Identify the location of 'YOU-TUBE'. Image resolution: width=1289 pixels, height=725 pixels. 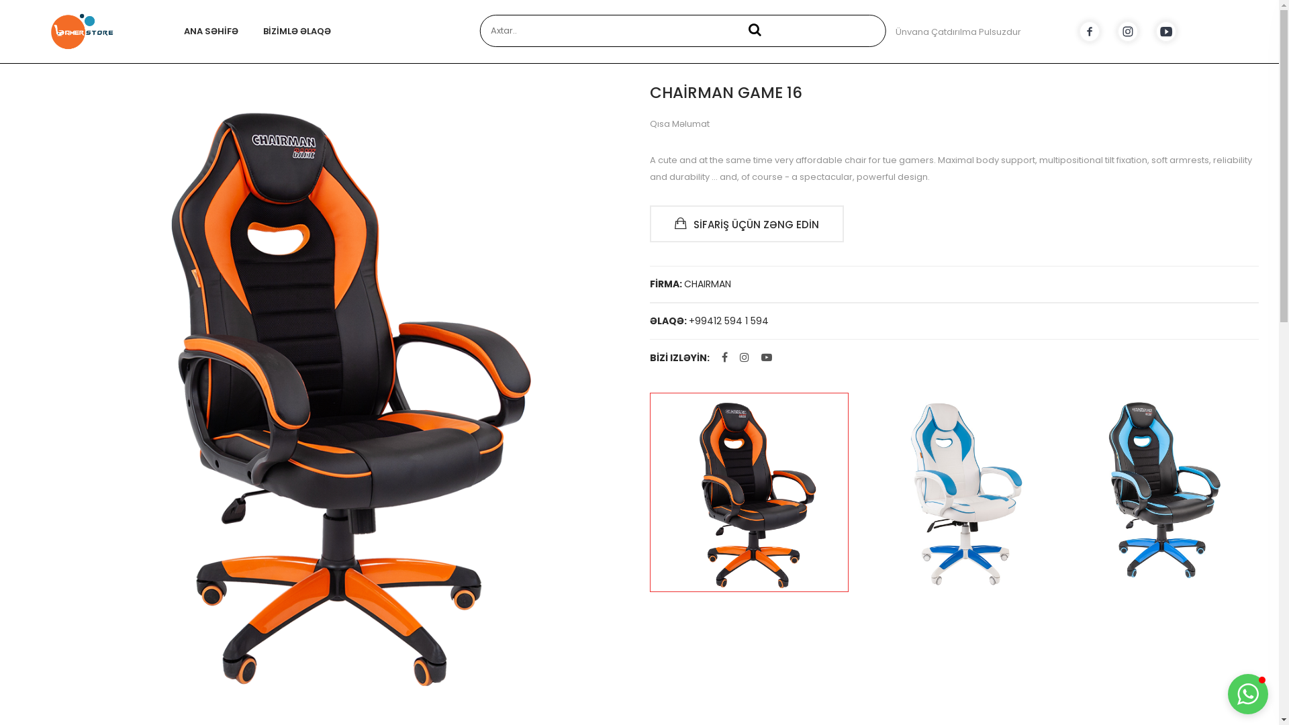
(1165, 30).